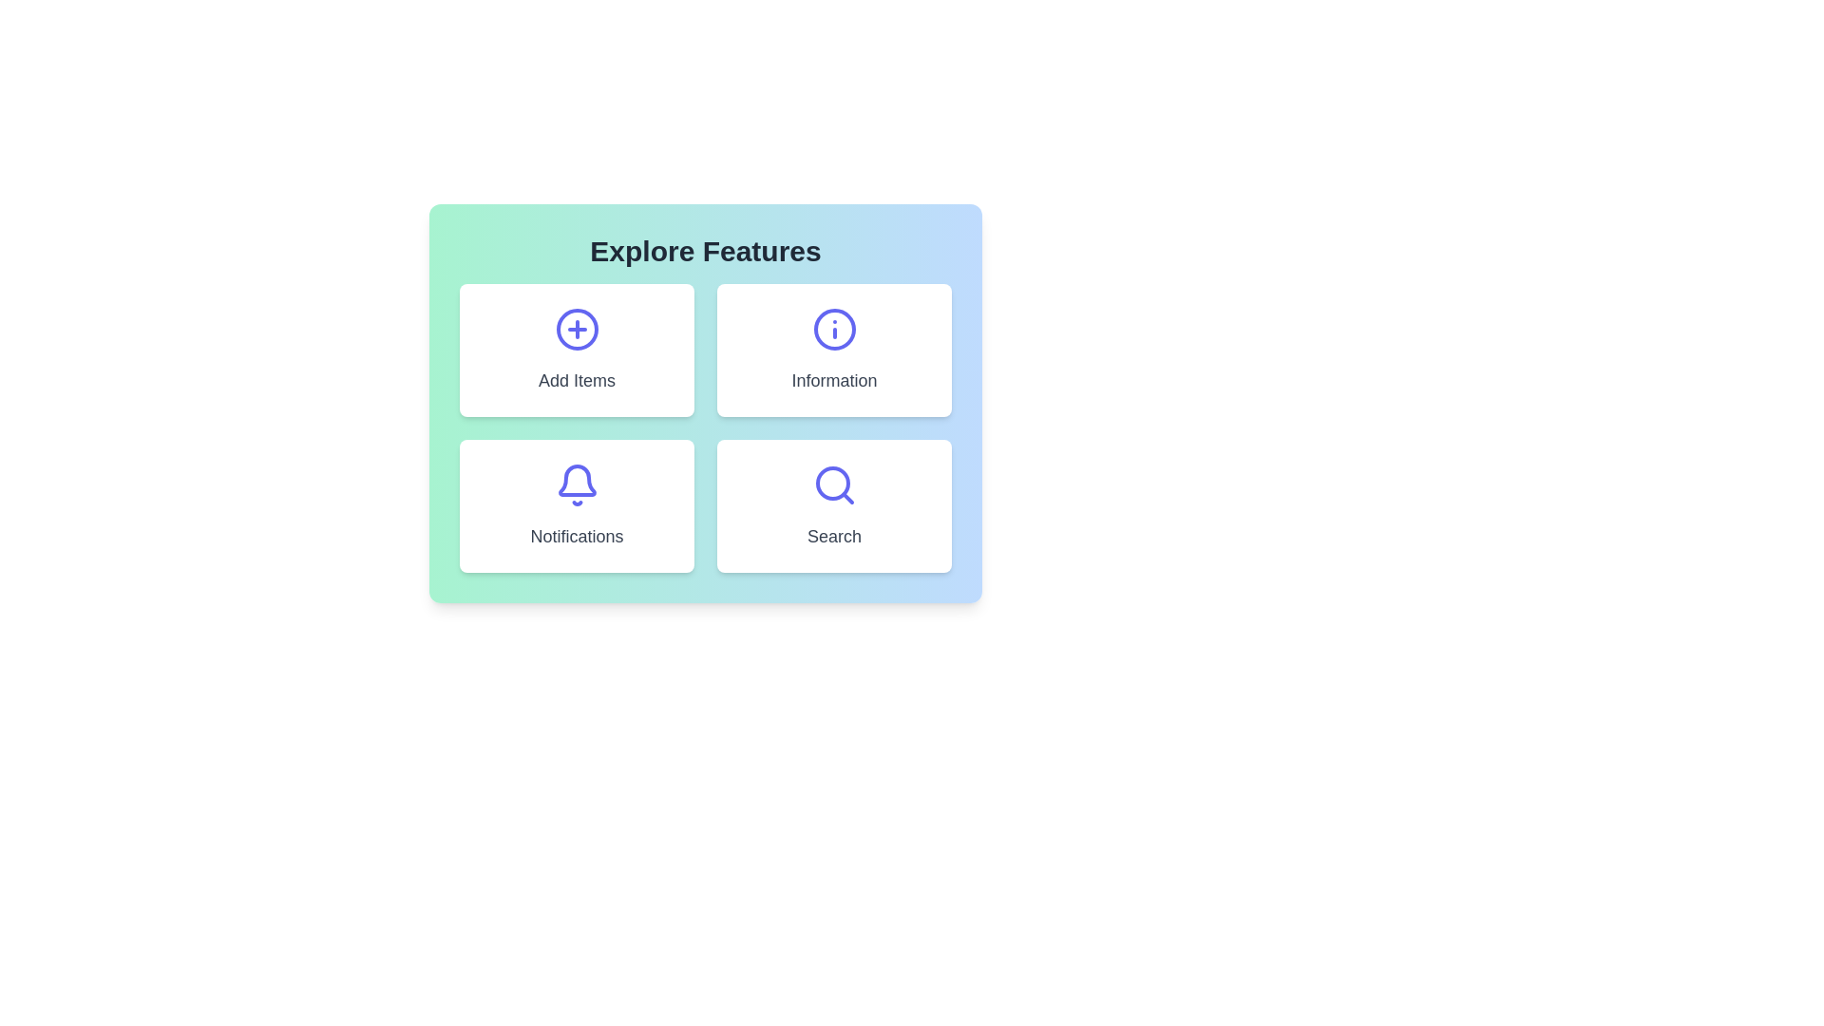 The image size is (1824, 1026). I want to click on the text label displaying 'Information', which is styled with a medium font weight and large gray font, located below the information icon on the upper-right side of the grid, so click(834, 381).